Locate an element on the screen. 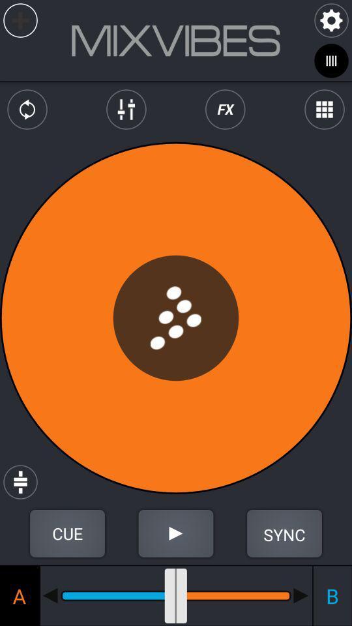 This screenshot has height=626, width=352. move slider left is located at coordinates (50, 595).